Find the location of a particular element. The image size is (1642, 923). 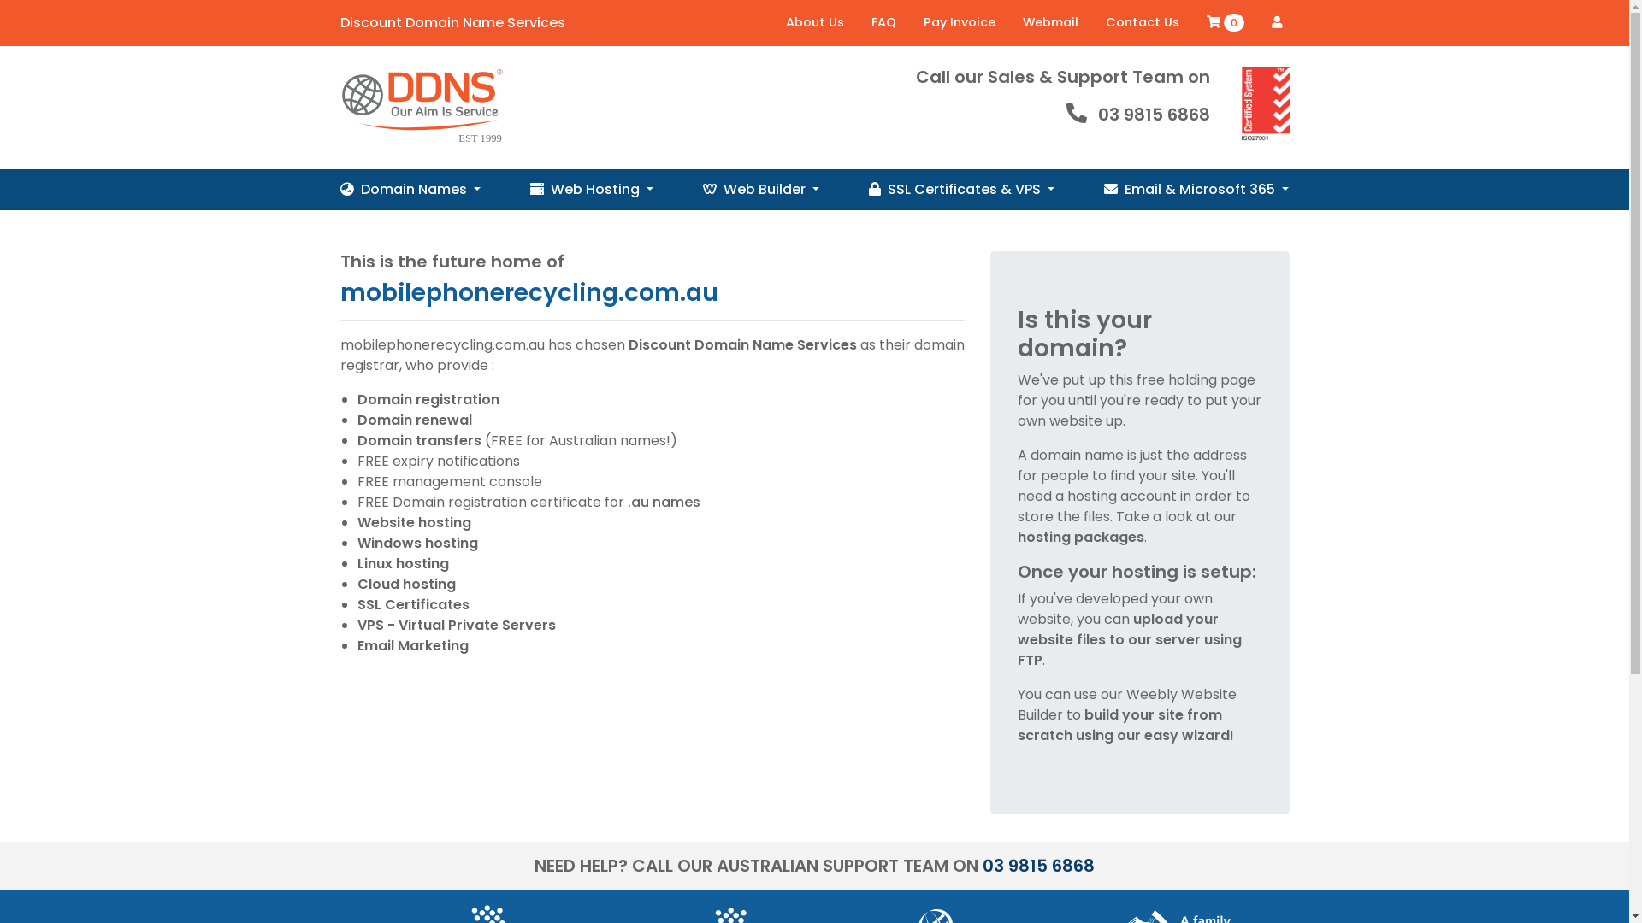

'0' is located at coordinates (1223, 23).